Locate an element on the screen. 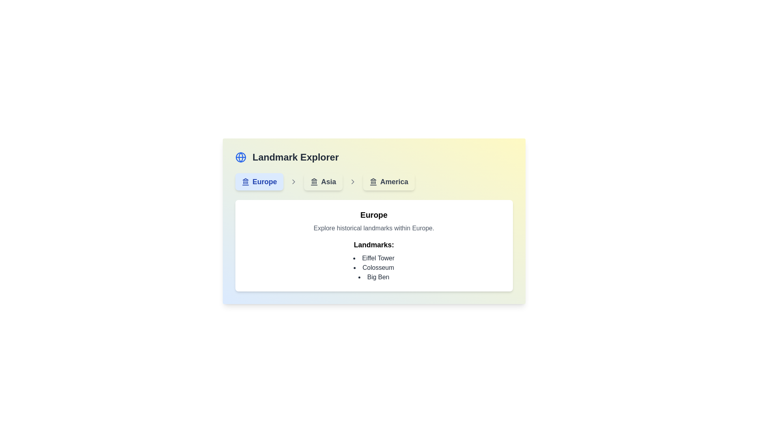 The height and width of the screenshot is (426, 757). the area of the 'Asia' button which is represented by the building icon in the breadcrumb navigation bar, located next to the text 'Asia' is located at coordinates (313, 182).